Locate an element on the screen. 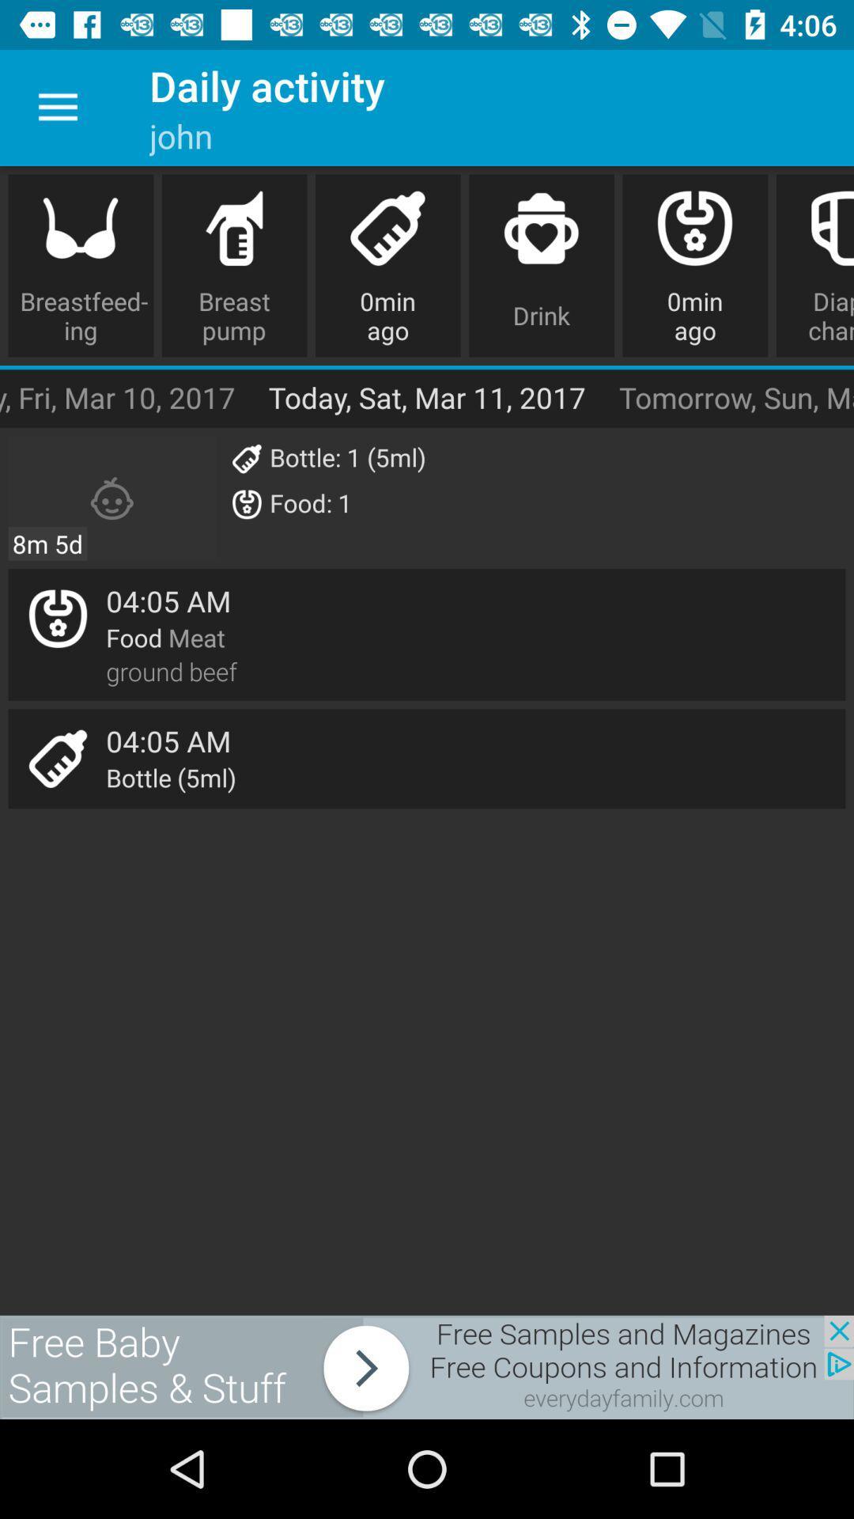 The width and height of the screenshot is (854, 1519). give advertisement information is located at coordinates (427, 1366).